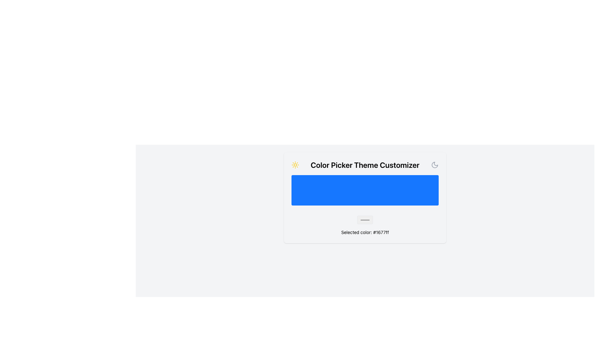  What do you see at coordinates (435, 164) in the screenshot?
I see `the moon icon located at the top right corner of the 'Color Picker Theme Customizer' panel` at bounding box center [435, 164].